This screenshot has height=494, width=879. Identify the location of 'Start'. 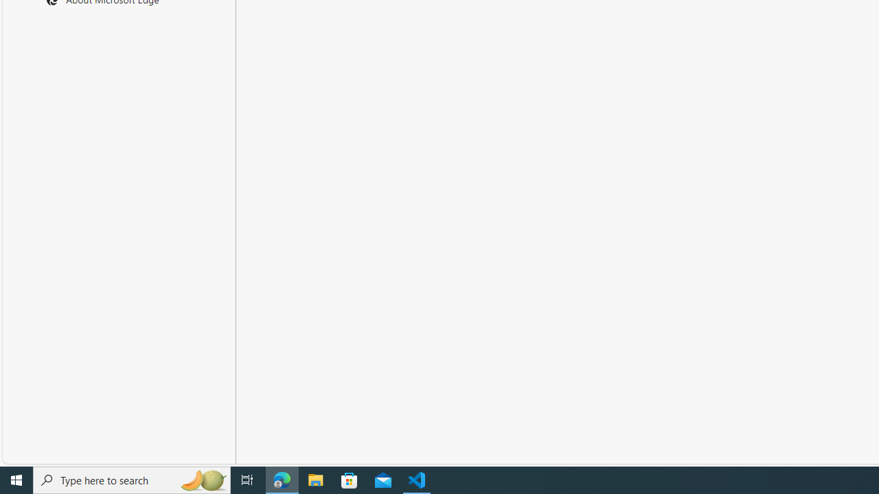
(16, 479).